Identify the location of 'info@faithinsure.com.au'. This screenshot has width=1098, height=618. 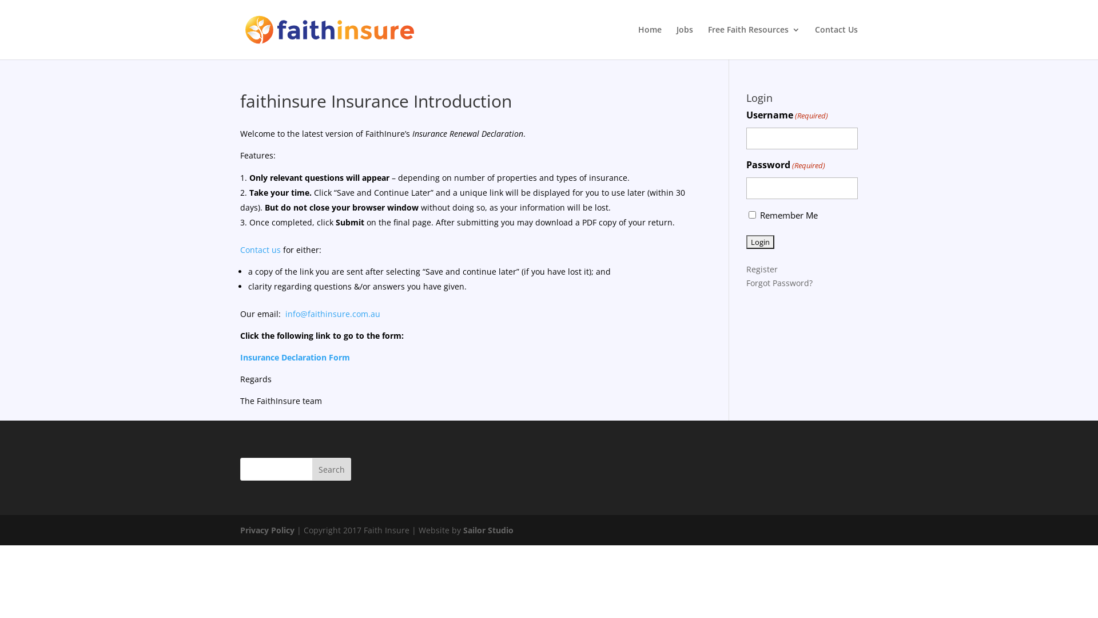
(332, 314).